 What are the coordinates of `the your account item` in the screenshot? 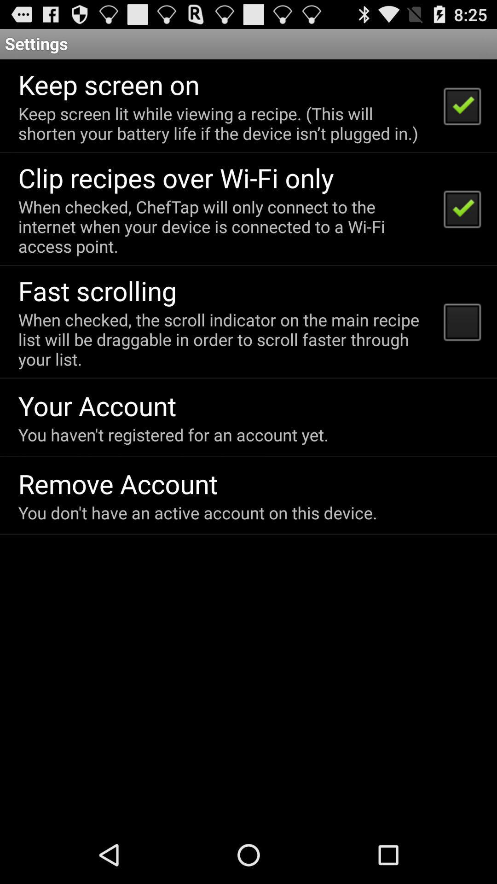 It's located at (97, 405).